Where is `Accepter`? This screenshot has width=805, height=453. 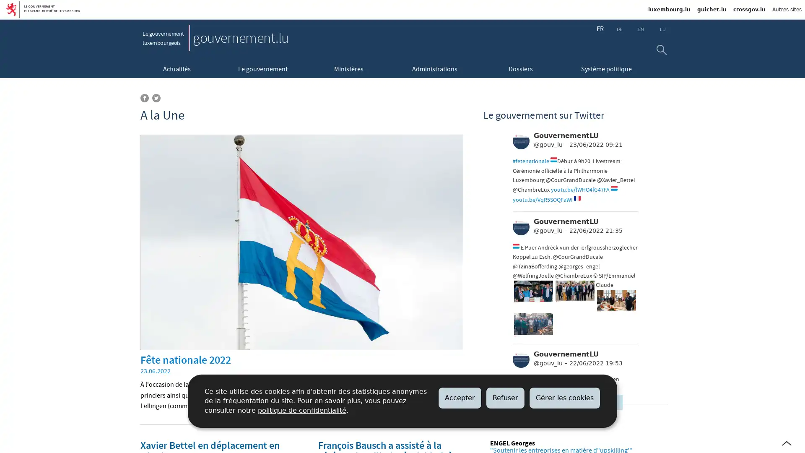
Accepter is located at coordinates (460, 397).